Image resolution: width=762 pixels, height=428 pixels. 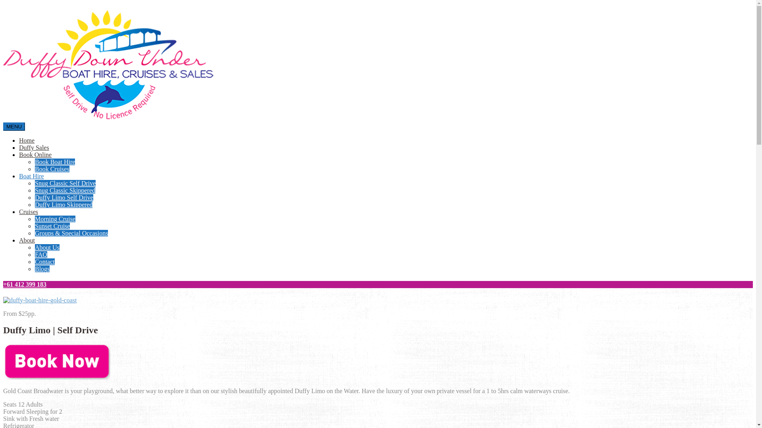 What do you see at coordinates (19, 155) in the screenshot?
I see `'Book Online'` at bounding box center [19, 155].